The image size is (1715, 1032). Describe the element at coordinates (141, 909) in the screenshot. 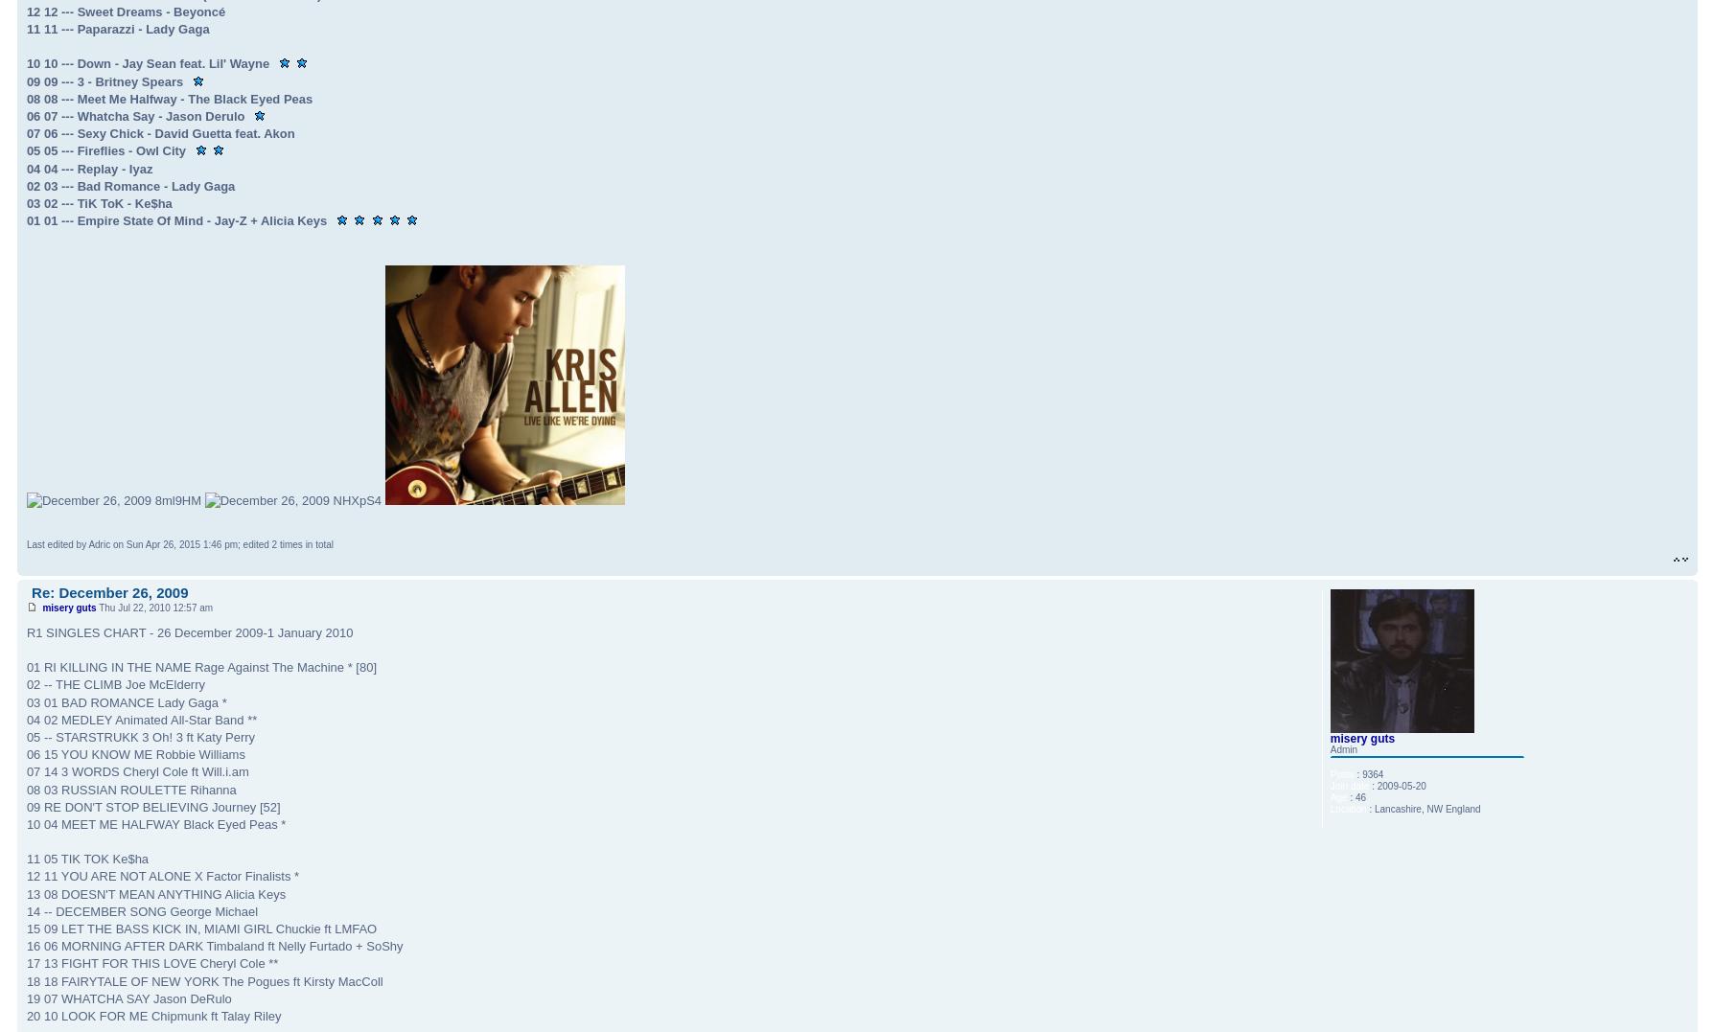

I see `'14 -- DECEMBER SONG George Michael'` at that location.